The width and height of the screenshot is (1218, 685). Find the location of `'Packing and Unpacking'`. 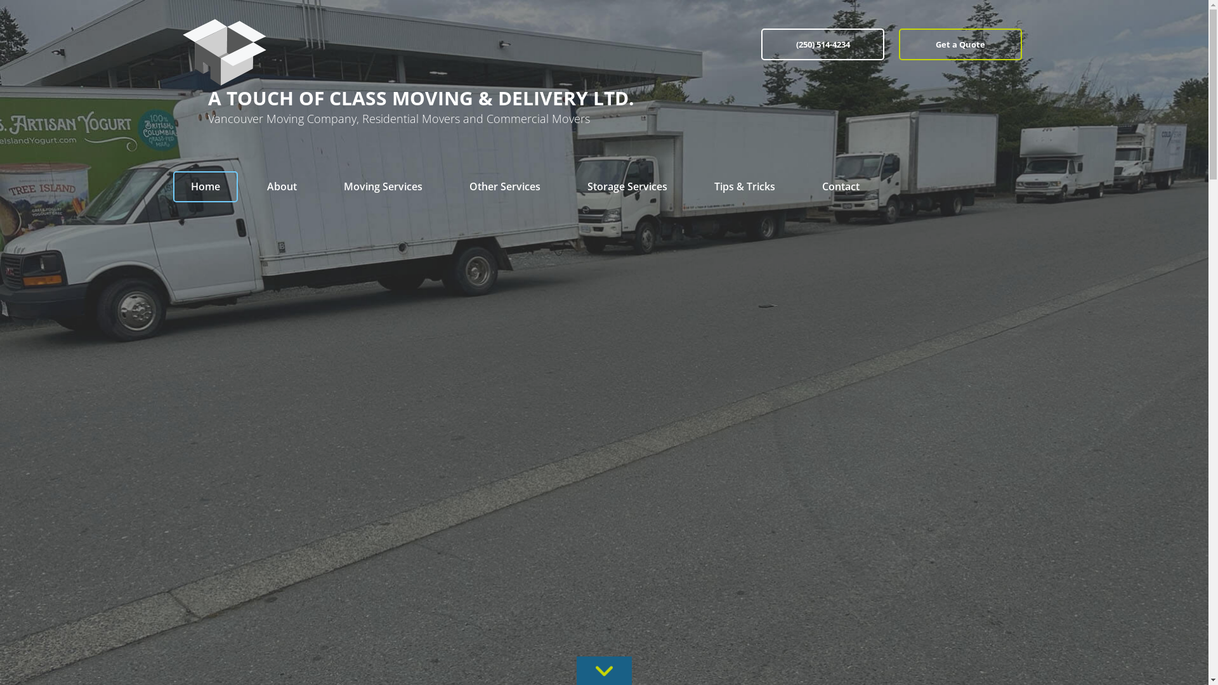

'Packing and Unpacking' is located at coordinates (504, 240).